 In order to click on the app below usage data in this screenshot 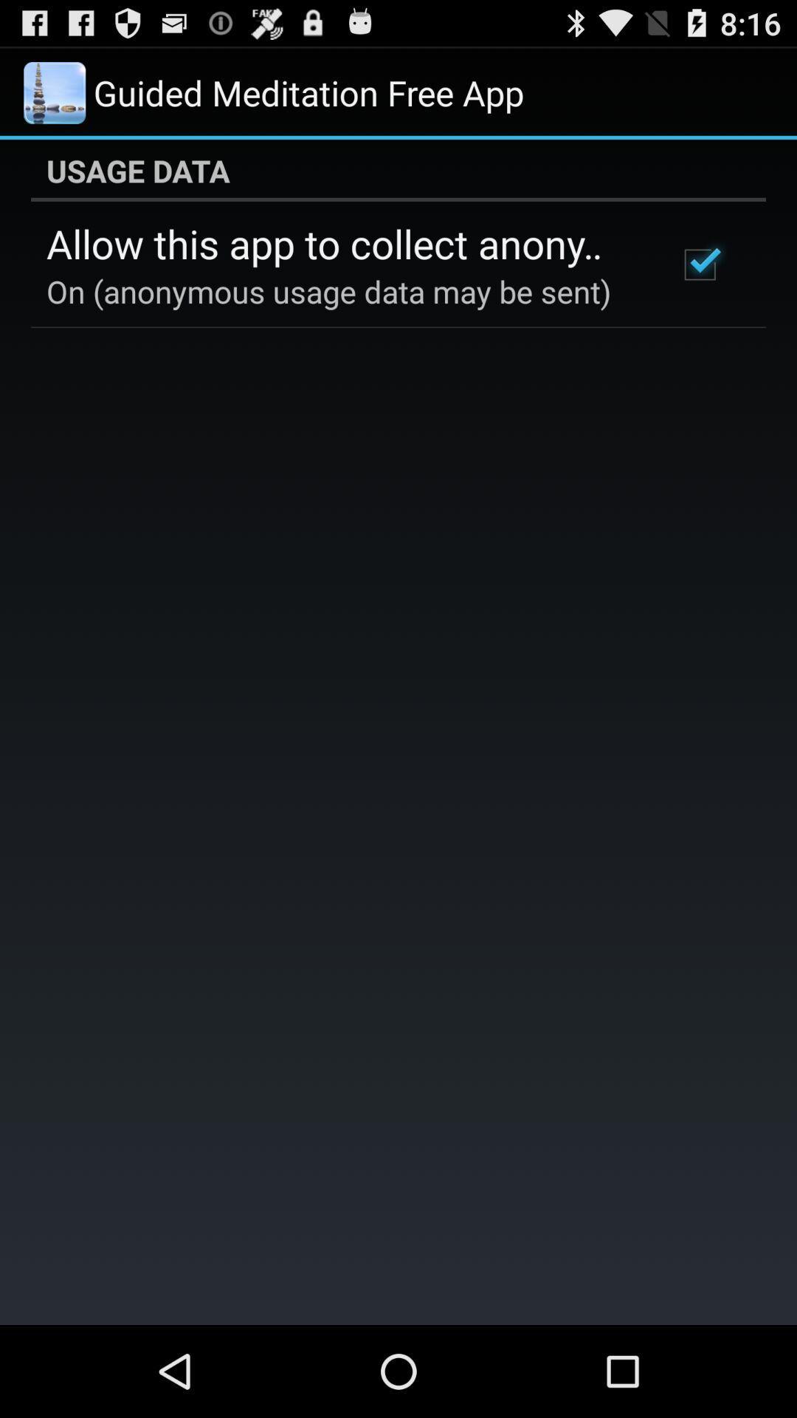, I will do `click(342, 243)`.